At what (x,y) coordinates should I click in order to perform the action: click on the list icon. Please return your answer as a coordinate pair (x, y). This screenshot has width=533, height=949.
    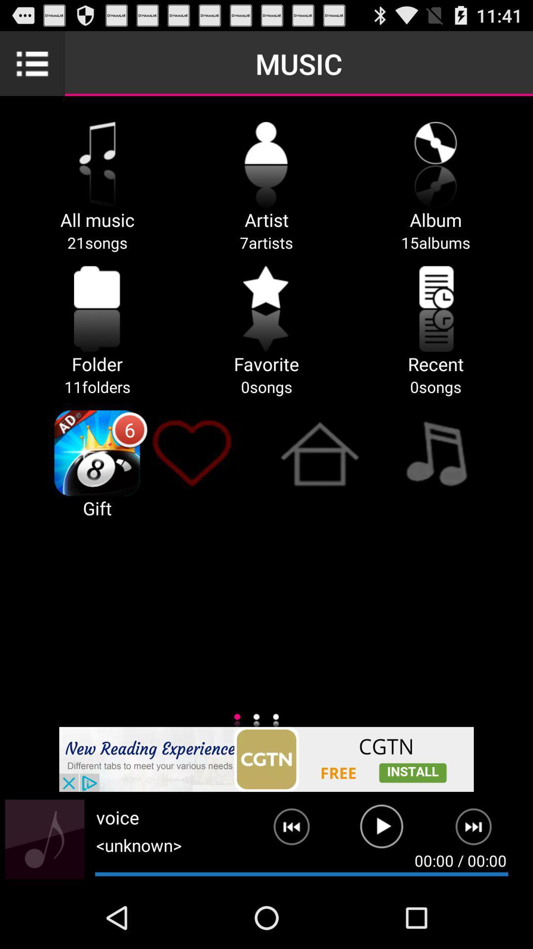
    Looking at the image, I should click on (32, 67).